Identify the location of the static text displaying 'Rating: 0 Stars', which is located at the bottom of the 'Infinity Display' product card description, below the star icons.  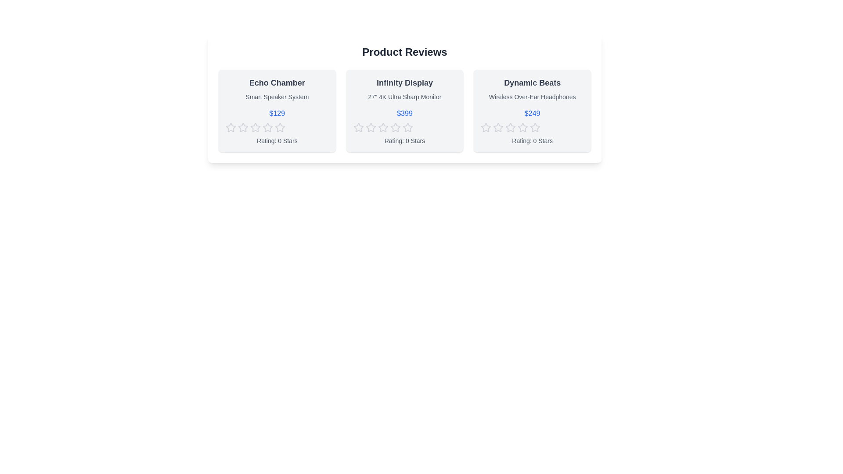
(404, 140).